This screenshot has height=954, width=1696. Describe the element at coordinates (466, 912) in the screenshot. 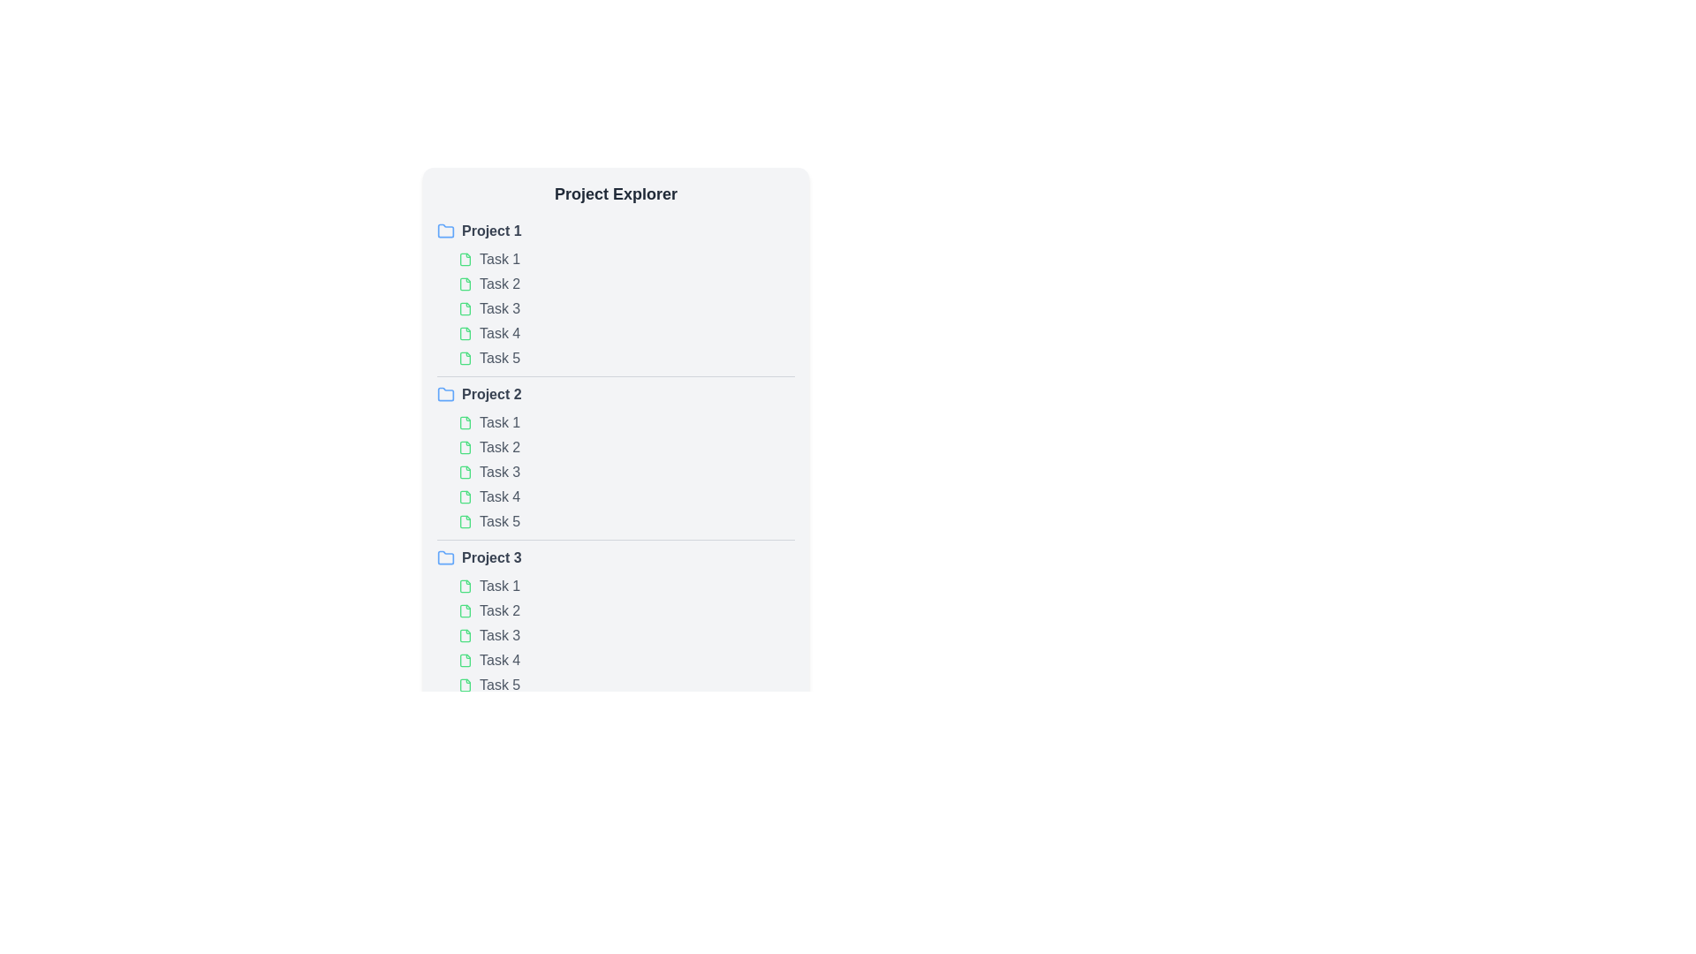

I see `the folder icon, which is a small green vector graphic located at the bottom of the task list interface, serving as an indicator for a file or document` at that location.